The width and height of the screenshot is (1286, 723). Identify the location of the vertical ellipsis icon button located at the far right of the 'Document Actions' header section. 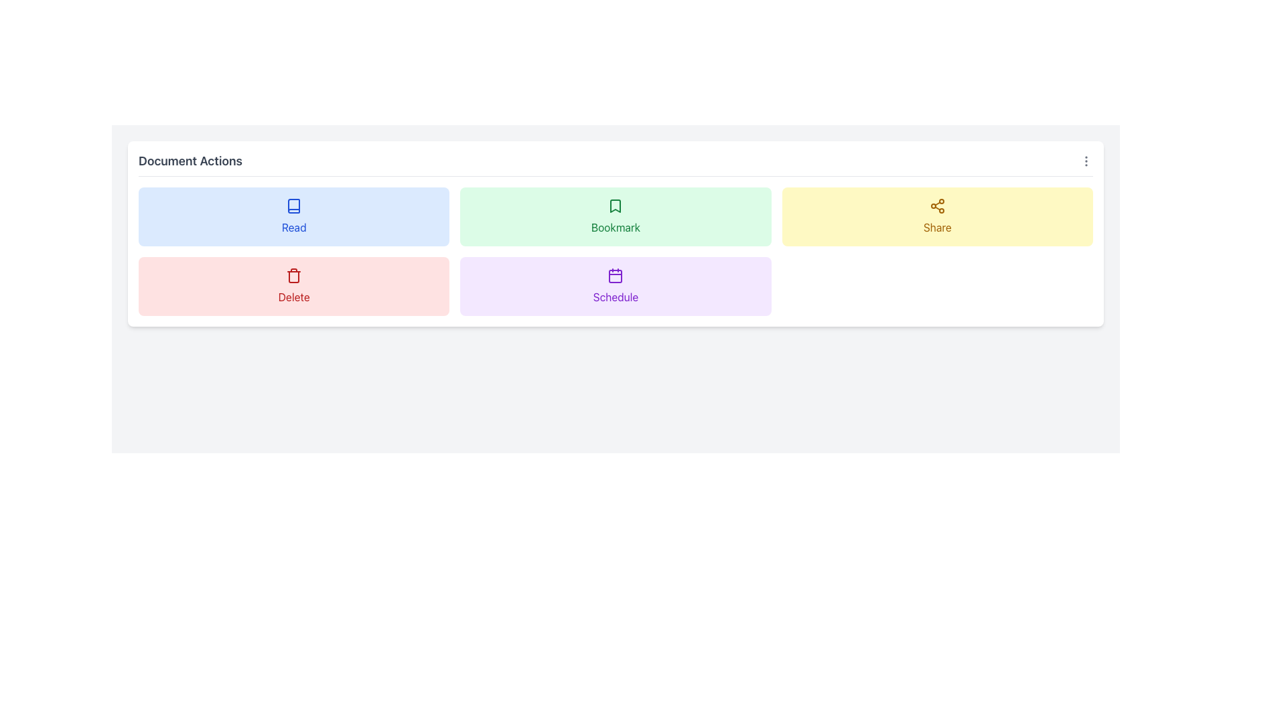
(1086, 160).